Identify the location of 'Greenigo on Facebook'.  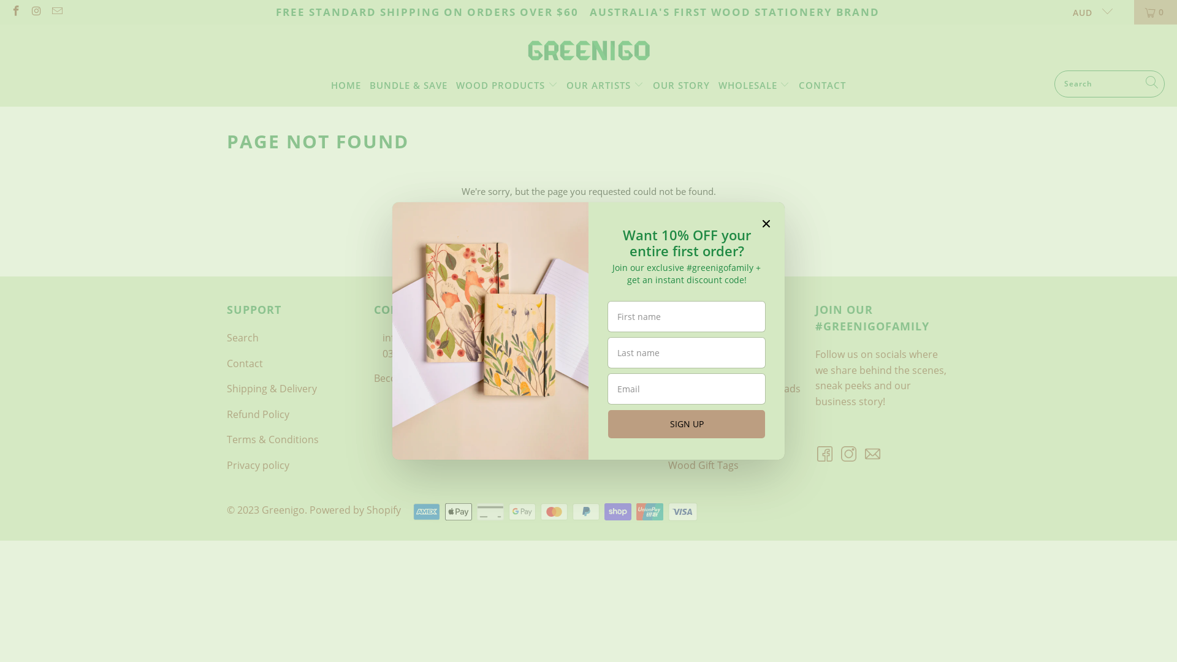
(9, 12).